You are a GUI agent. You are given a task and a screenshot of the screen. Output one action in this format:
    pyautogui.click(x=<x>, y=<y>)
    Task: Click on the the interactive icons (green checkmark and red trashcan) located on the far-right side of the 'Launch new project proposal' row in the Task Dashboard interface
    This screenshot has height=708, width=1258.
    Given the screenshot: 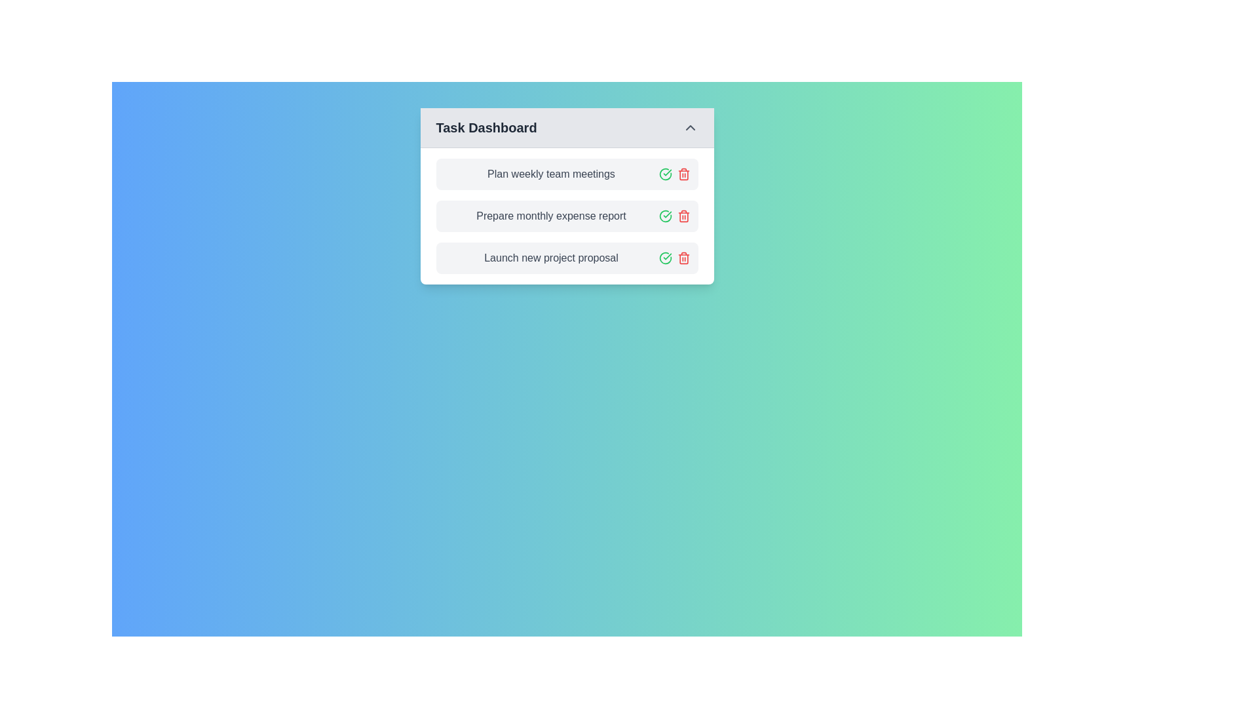 What is the action you would take?
    pyautogui.click(x=674, y=258)
    